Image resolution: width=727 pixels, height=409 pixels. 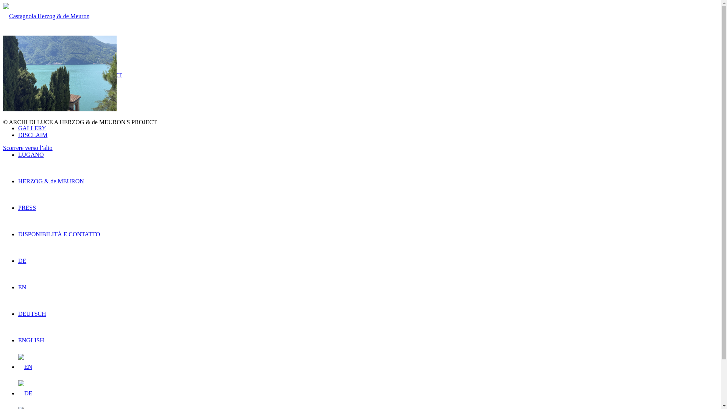 I want to click on 'DE', so click(x=25, y=393).